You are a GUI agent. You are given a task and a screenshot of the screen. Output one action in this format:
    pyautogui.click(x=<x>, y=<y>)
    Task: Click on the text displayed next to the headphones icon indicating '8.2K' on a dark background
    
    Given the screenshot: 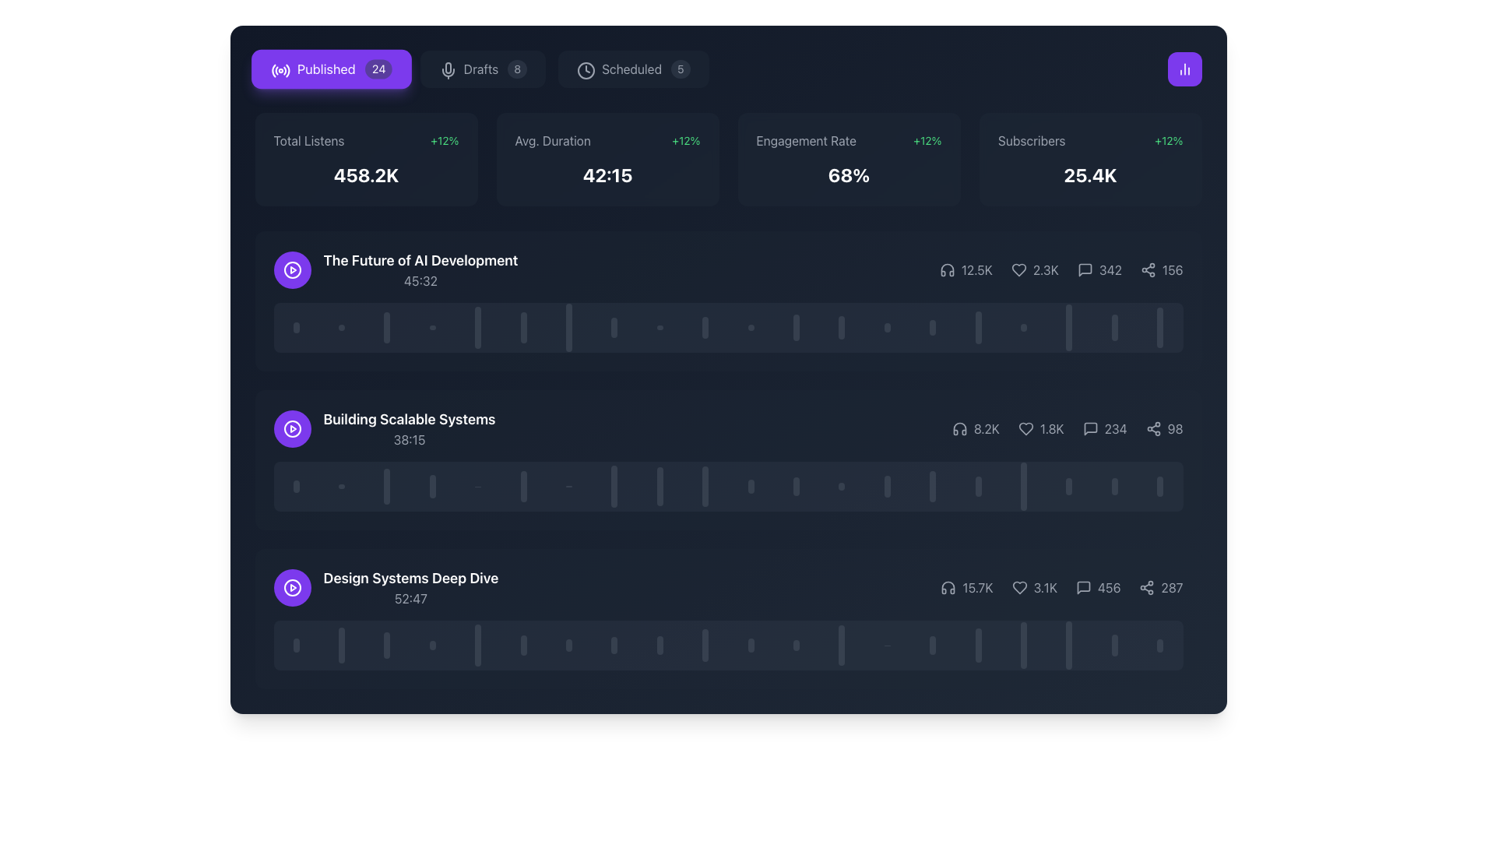 What is the action you would take?
    pyautogui.click(x=975, y=429)
    